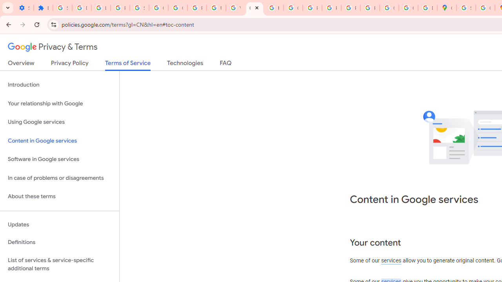  What do you see at coordinates (485, 8) in the screenshot?
I see `'Create your Google Account'` at bounding box center [485, 8].